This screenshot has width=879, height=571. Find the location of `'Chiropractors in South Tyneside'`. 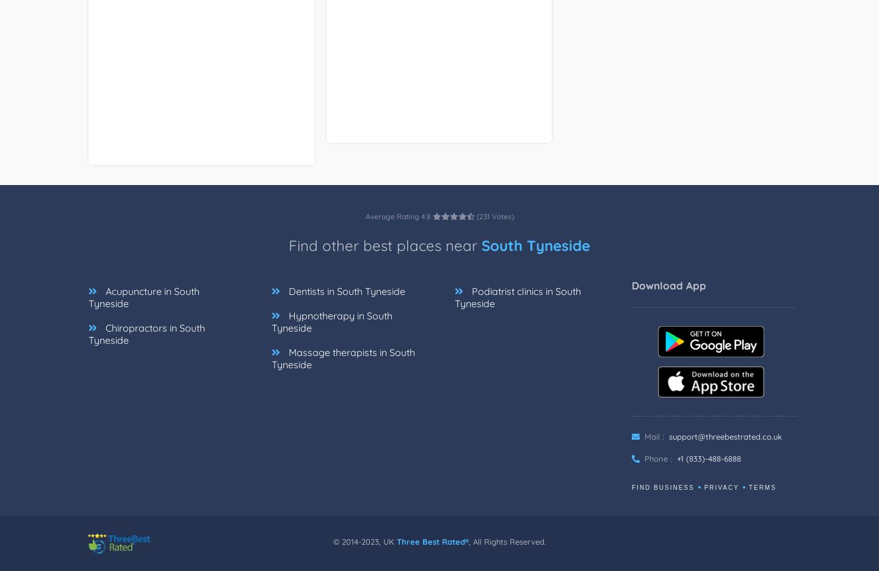

'Chiropractors in South Tyneside' is located at coordinates (146, 333).